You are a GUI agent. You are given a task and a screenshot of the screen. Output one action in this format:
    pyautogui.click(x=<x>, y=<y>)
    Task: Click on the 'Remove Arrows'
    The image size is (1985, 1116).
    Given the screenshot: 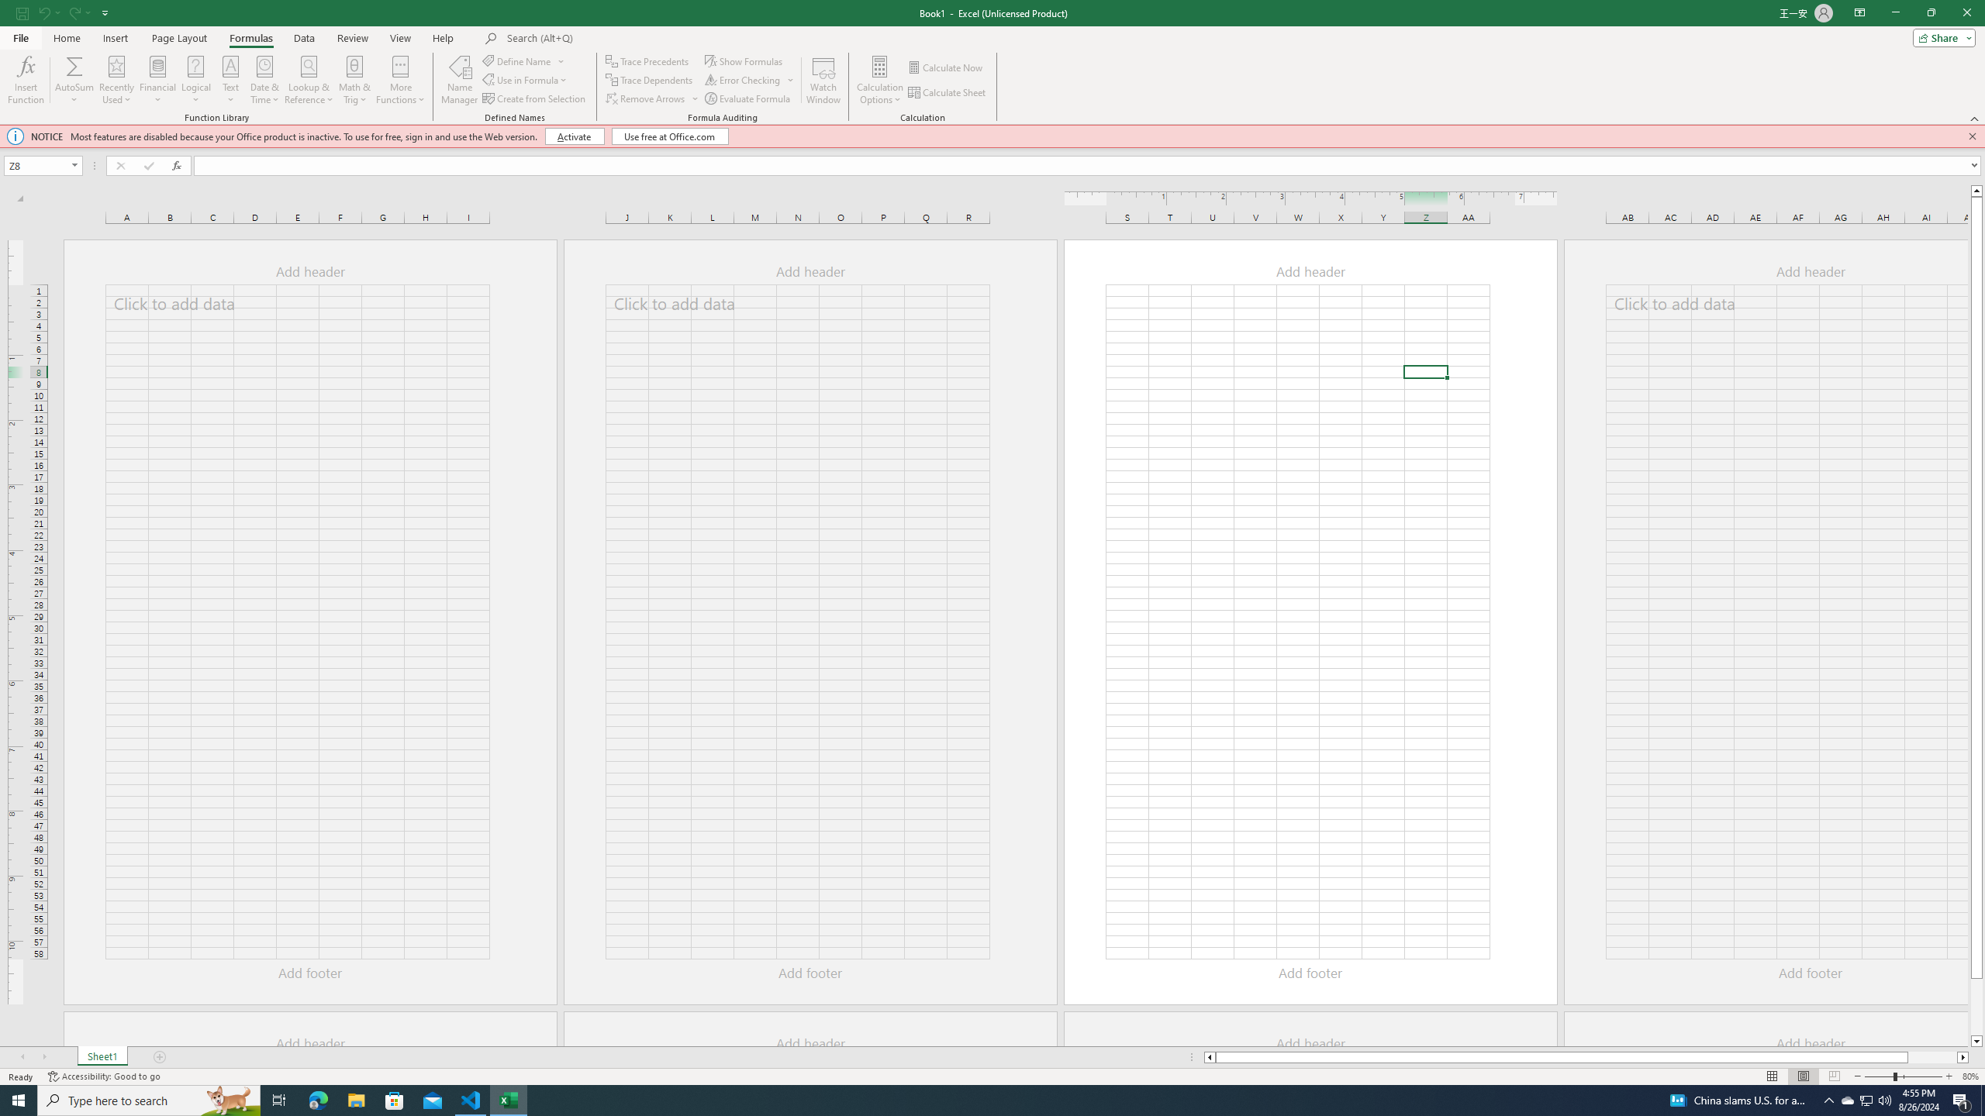 What is the action you would take?
    pyautogui.click(x=646, y=98)
    